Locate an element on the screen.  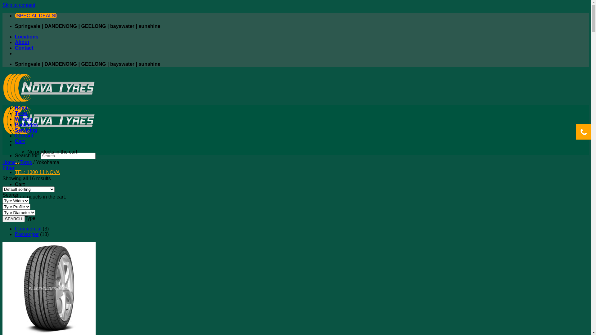
'Passenger' is located at coordinates (26, 234).